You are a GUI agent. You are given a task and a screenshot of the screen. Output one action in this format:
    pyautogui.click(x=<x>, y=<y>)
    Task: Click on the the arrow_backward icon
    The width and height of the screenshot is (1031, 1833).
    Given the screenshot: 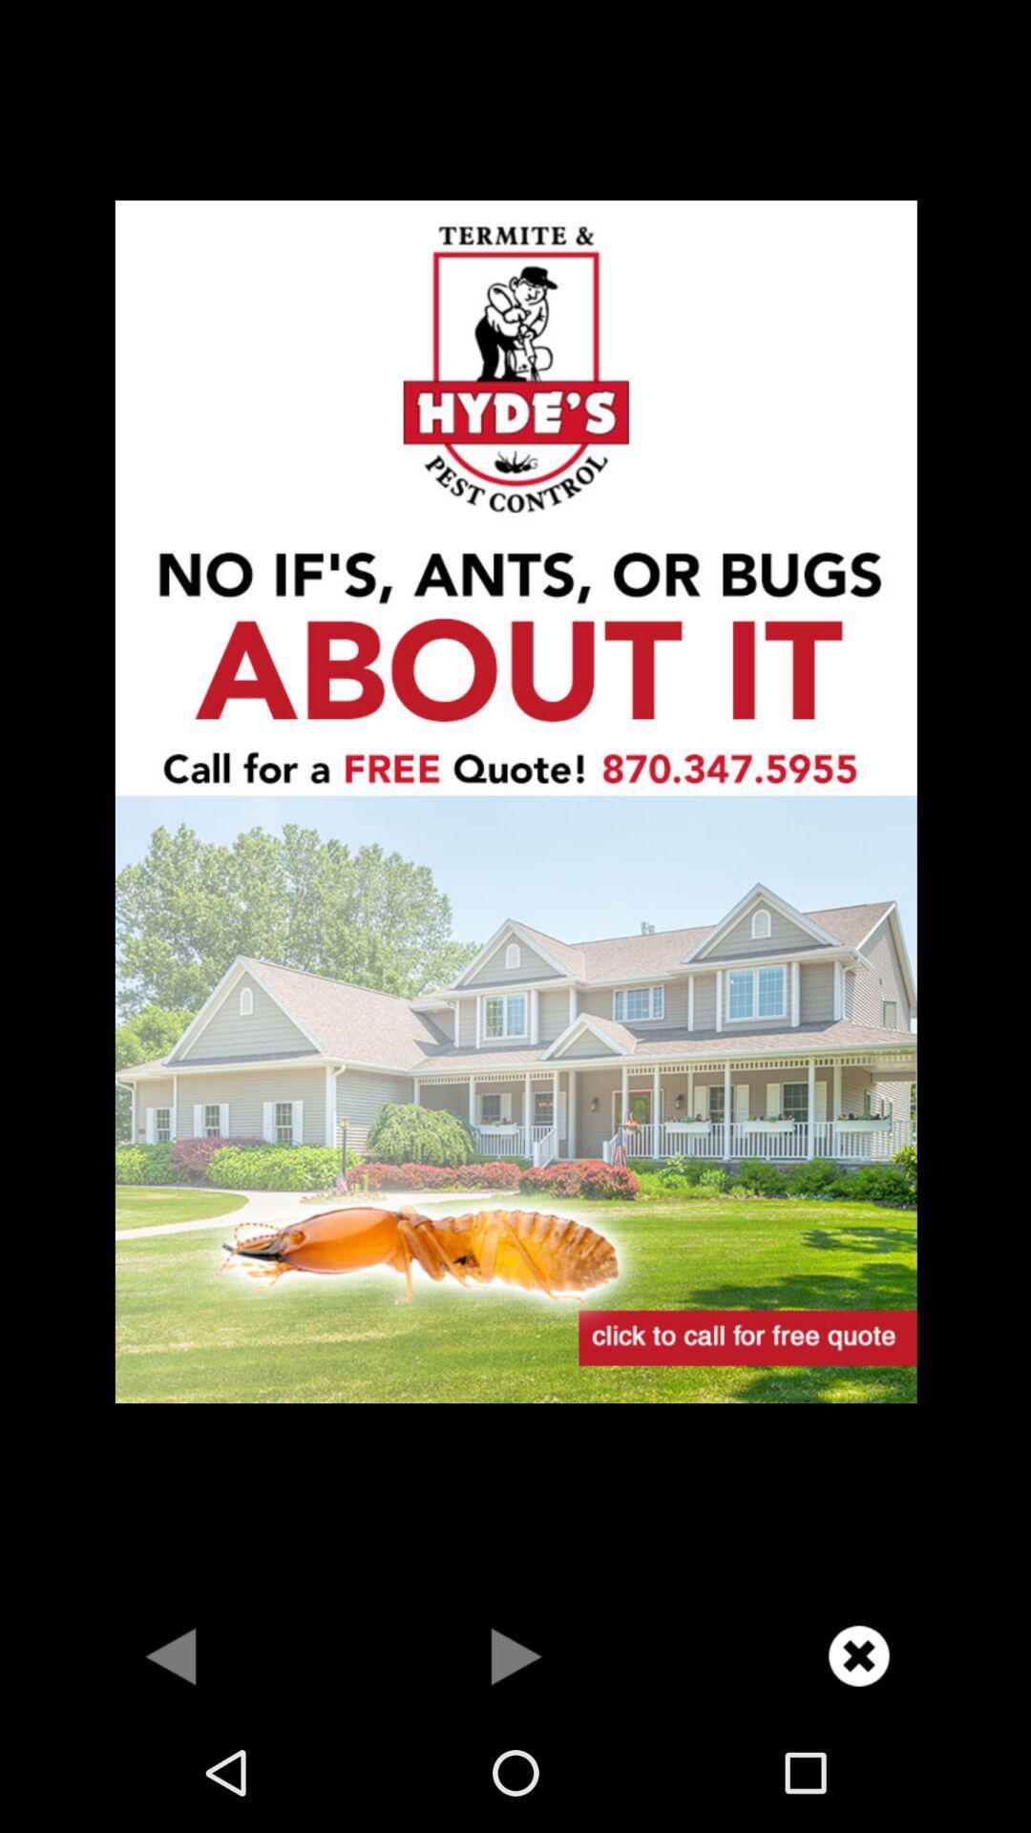 What is the action you would take?
    pyautogui.click(x=172, y=1771)
    